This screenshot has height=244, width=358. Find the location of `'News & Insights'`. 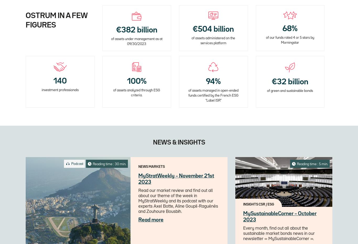

'News & Insights' is located at coordinates (178, 142).